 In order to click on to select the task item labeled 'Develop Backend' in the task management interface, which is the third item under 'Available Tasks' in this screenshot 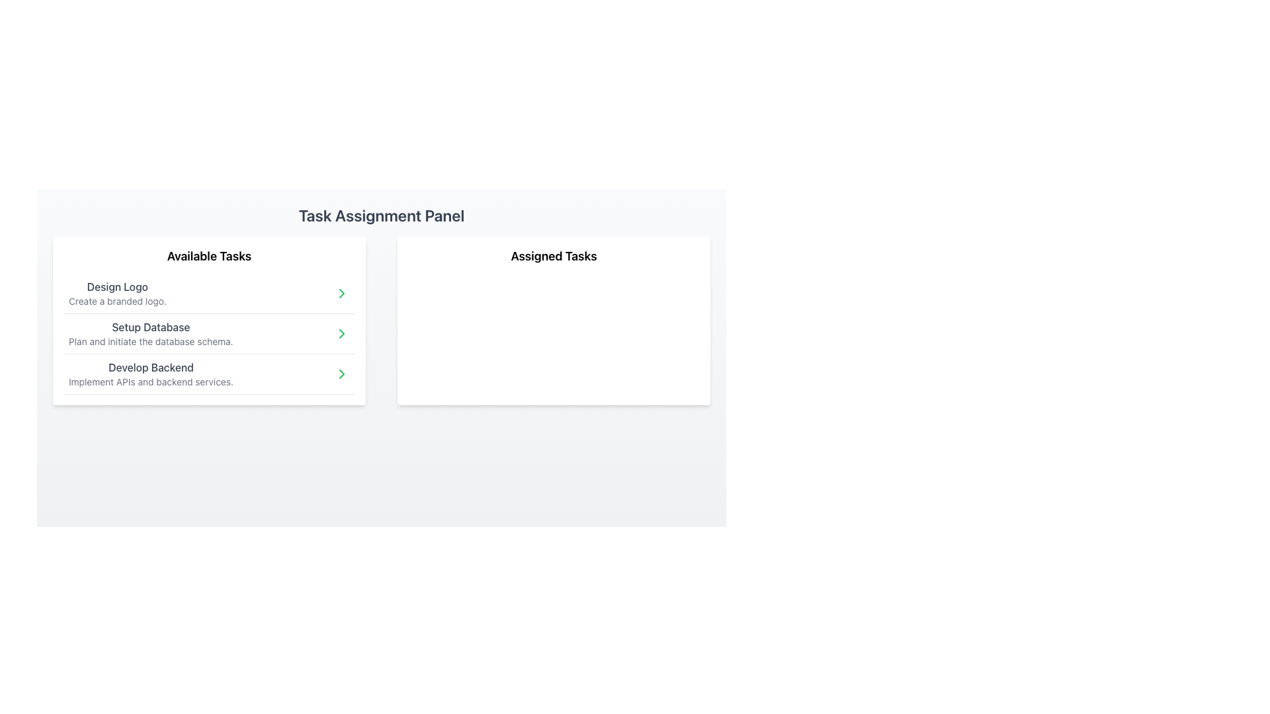, I will do `click(208, 374)`.